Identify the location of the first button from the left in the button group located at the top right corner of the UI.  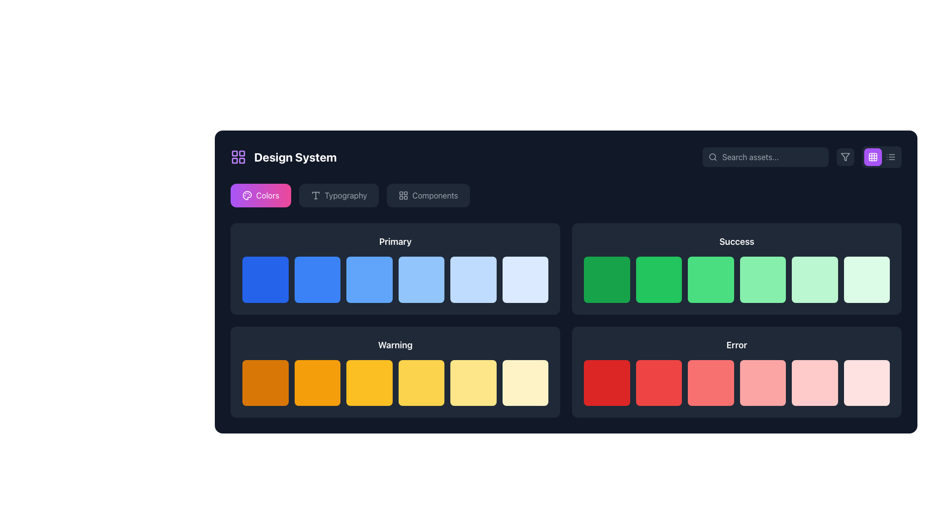
(873, 157).